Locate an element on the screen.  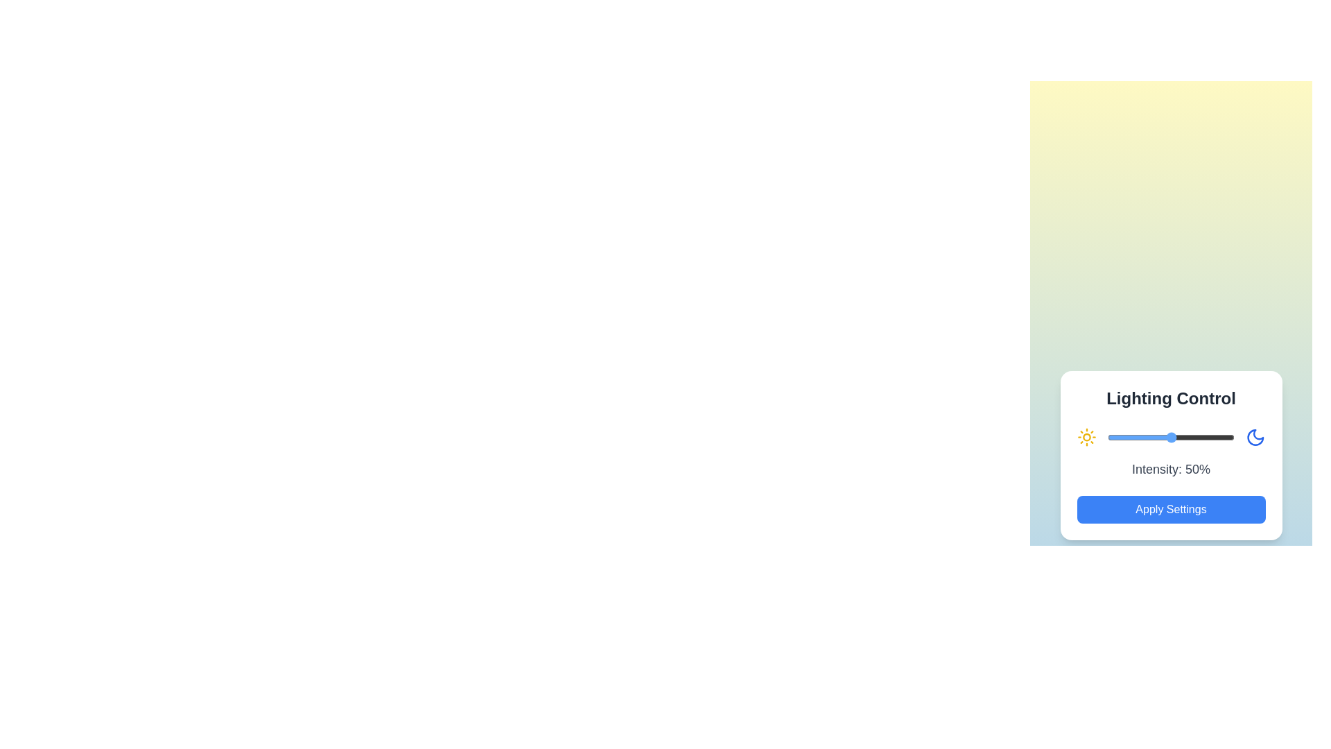
'Apply Settings' button to confirm the current intensity is located at coordinates (1170, 510).